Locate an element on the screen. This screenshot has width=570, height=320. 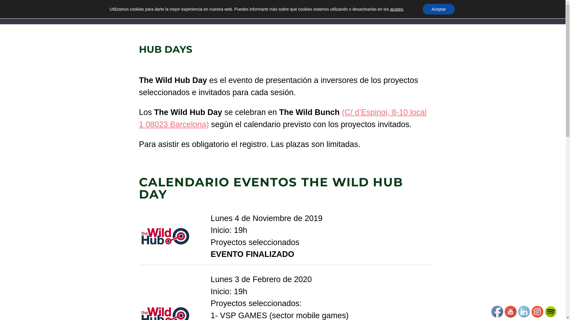
'Instagram' is located at coordinates (537, 311).